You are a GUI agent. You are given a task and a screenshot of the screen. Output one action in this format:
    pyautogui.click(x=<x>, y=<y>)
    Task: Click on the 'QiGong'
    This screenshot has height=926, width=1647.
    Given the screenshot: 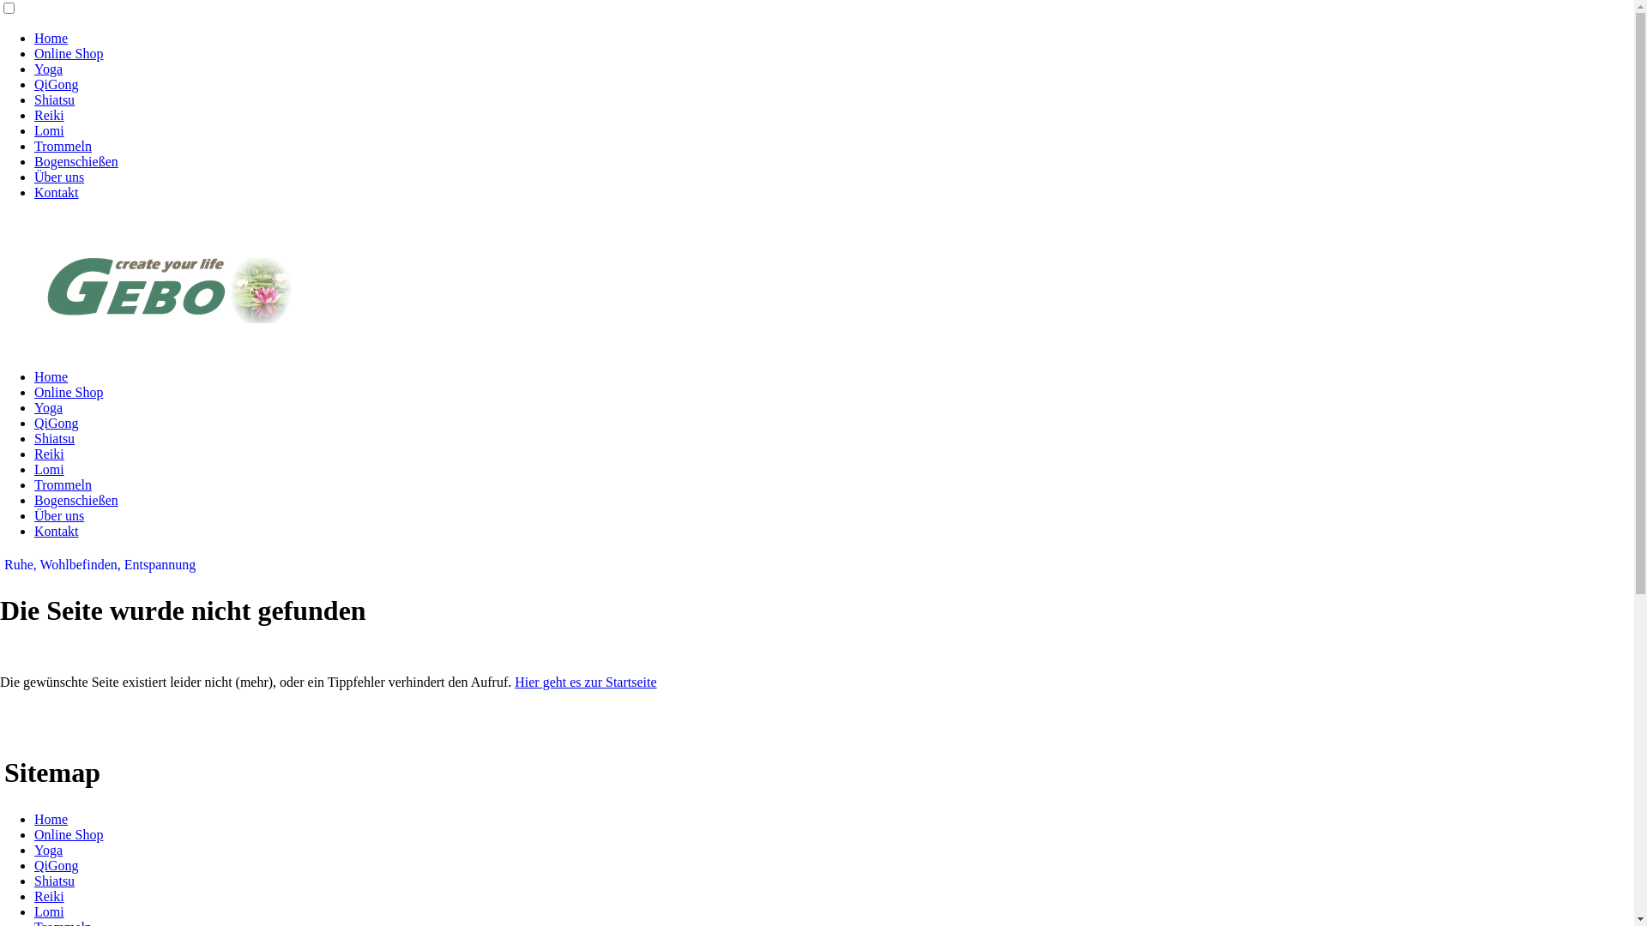 What is the action you would take?
    pyautogui.click(x=57, y=84)
    